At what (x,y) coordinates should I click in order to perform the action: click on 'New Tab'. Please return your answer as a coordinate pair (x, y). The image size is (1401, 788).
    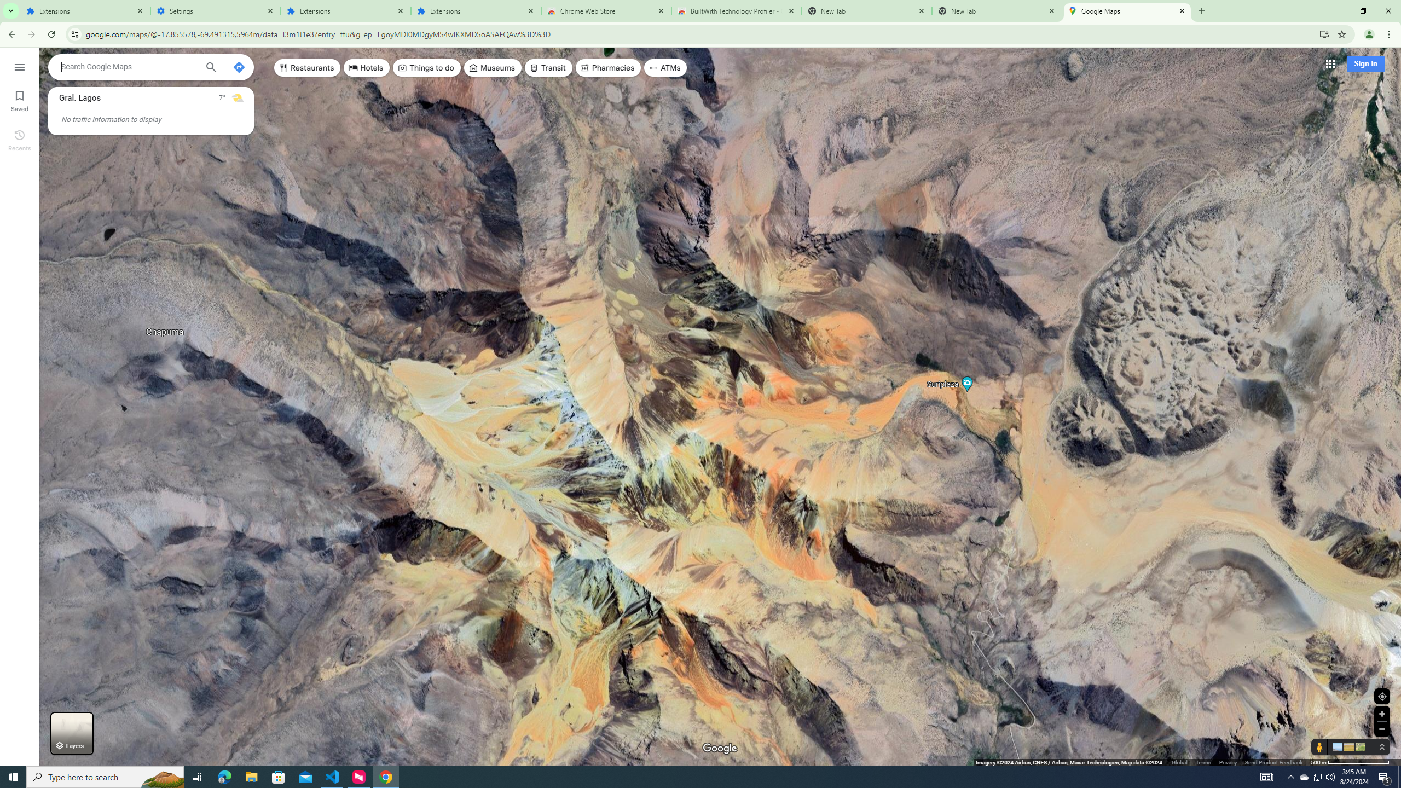
    Looking at the image, I should click on (997, 10).